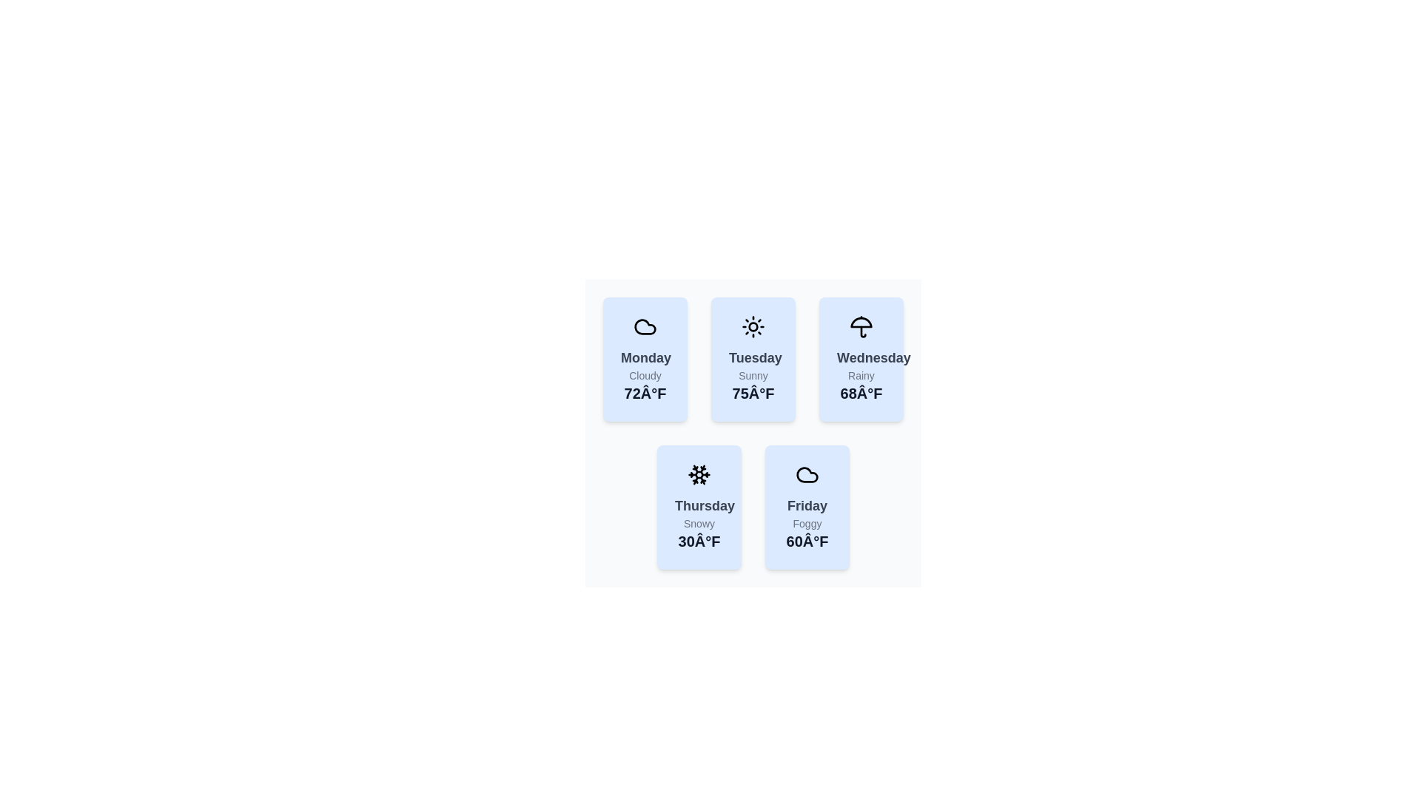  What do you see at coordinates (645, 326) in the screenshot?
I see `the cloudy weather icon representing Monday's forecast located at the top-left corner of the weather forecast grid` at bounding box center [645, 326].